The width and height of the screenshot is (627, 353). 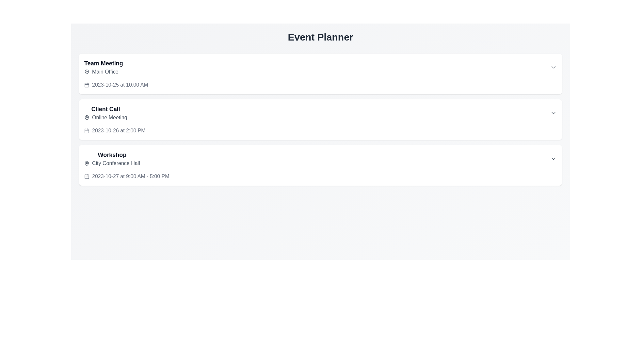 What do you see at coordinates (86, 84) in the screenshot?
I see `the decorative element inside the calendar icon, which is a rectangular shape with slightly rounded corners, filled with a solid color, located at the beginning of each event description area` at bounding box center [86, 84].